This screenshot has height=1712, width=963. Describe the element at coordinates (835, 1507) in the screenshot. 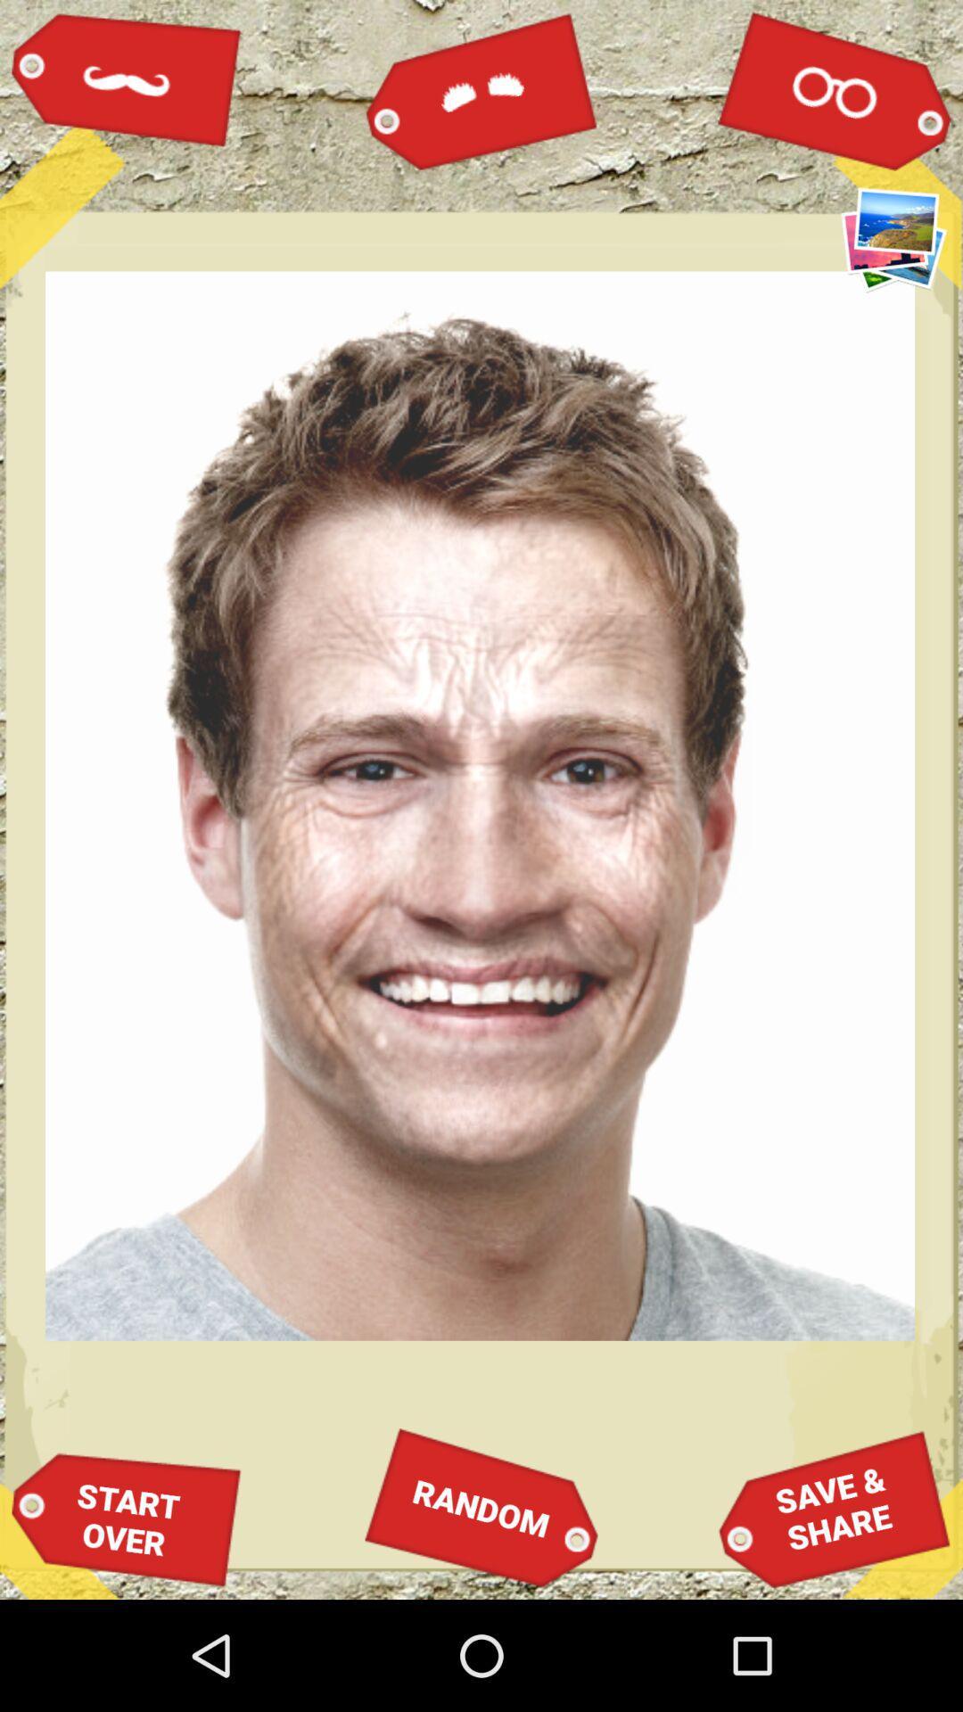

I see `icon next to random` at that location.